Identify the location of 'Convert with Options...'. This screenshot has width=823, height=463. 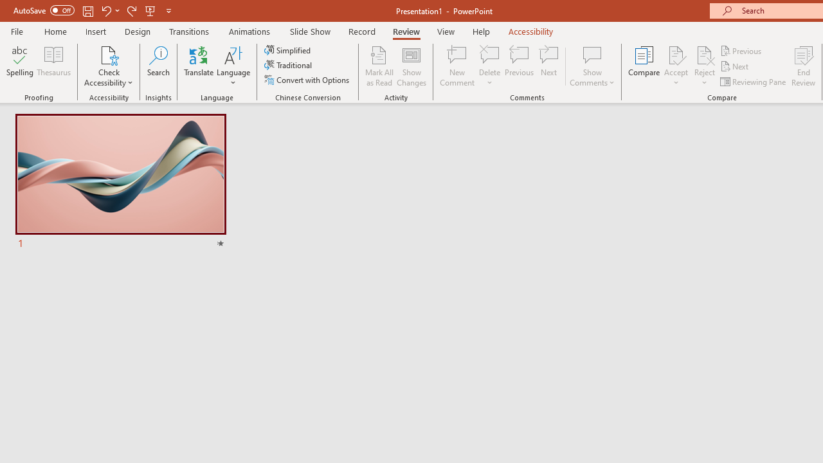
(307, 80).